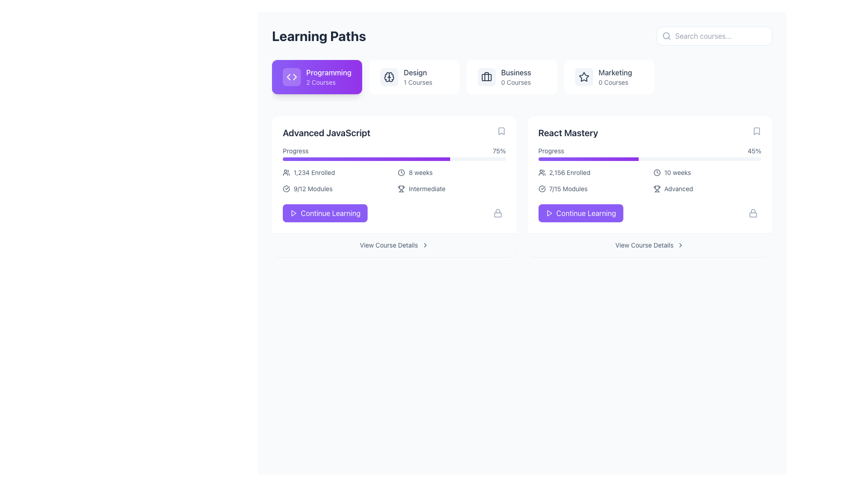  I want to click on the Progress Bar element located beneath the text 'Progress' and '75%' within the 'Advanced JavaScript' card, so click(394, 159).